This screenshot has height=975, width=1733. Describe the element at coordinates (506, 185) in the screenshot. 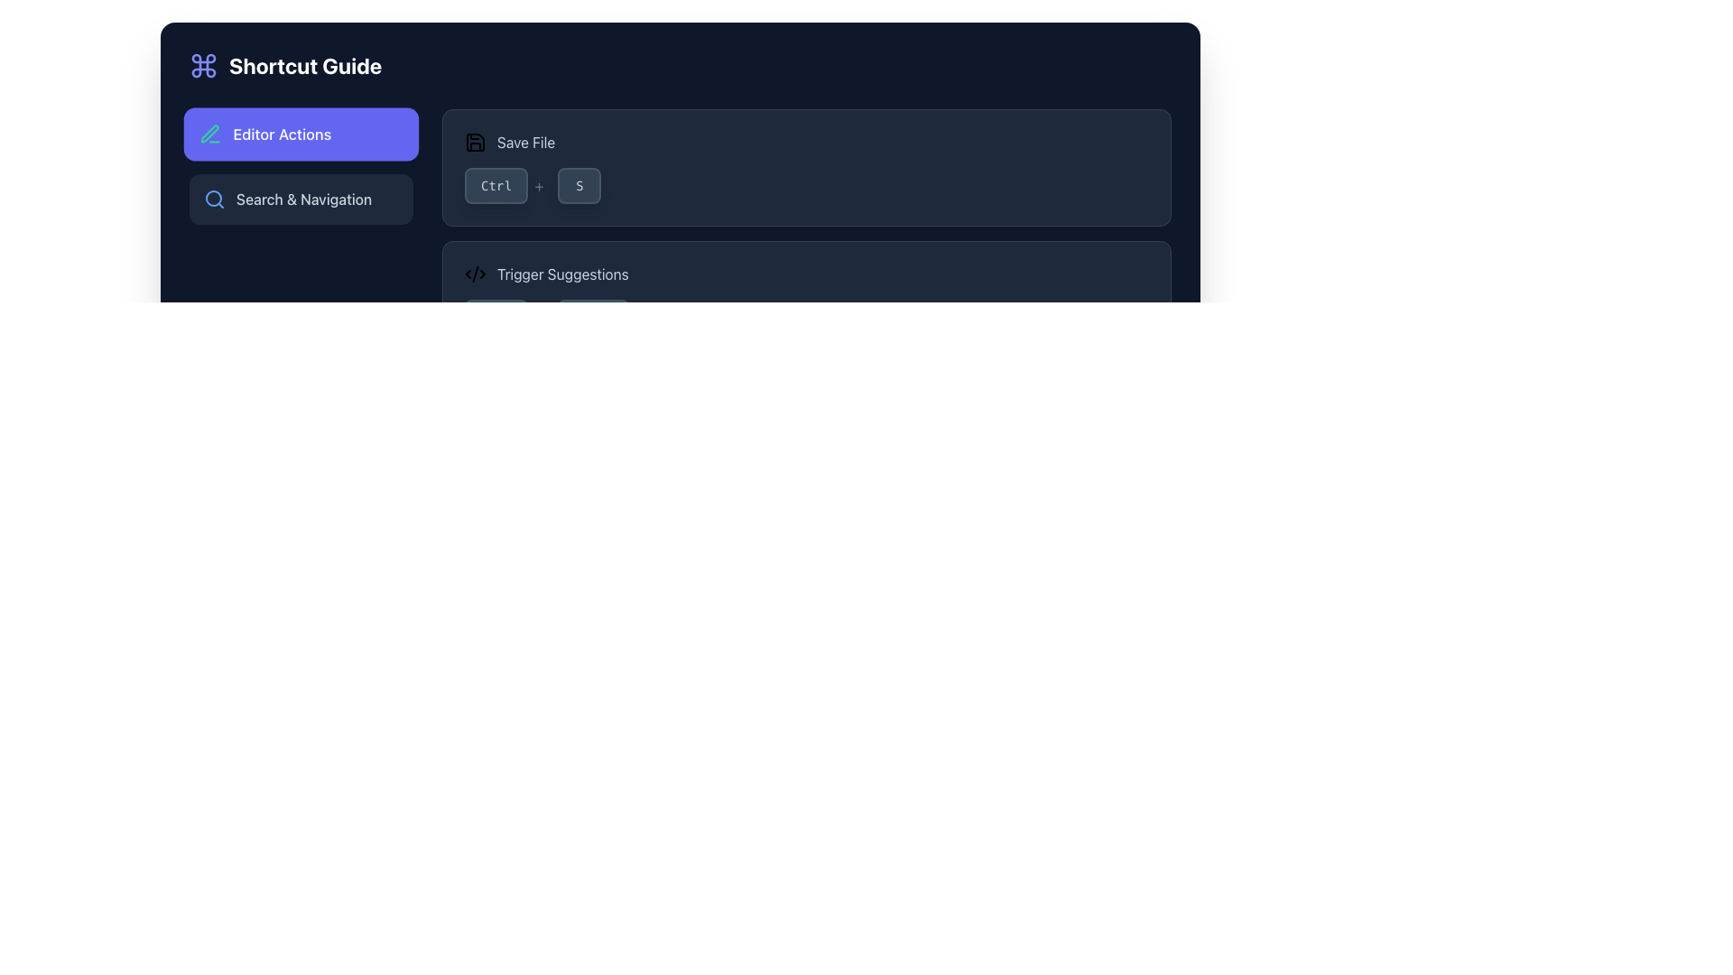

I see `the rectangular button-like component displaying 'Ctrl' in a monospace font, located in the 'Save File' section at the top-right area of the interface` at that location.